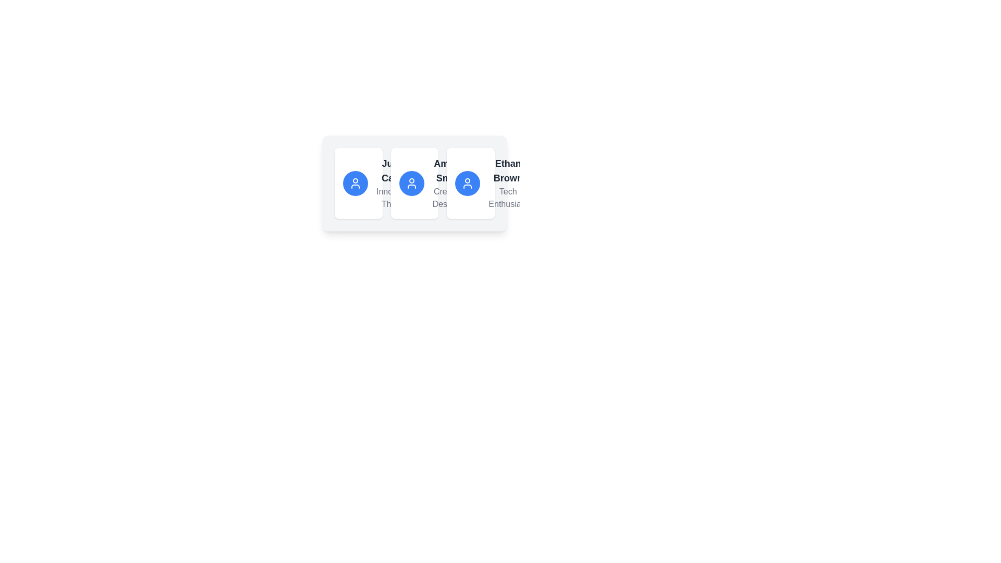 Image resolution: width=1001 pixels, height=563 pixels. I want to click on the text label that provides additional information about 'Ethan Brown', positioned below the main text, so click(508, 198).